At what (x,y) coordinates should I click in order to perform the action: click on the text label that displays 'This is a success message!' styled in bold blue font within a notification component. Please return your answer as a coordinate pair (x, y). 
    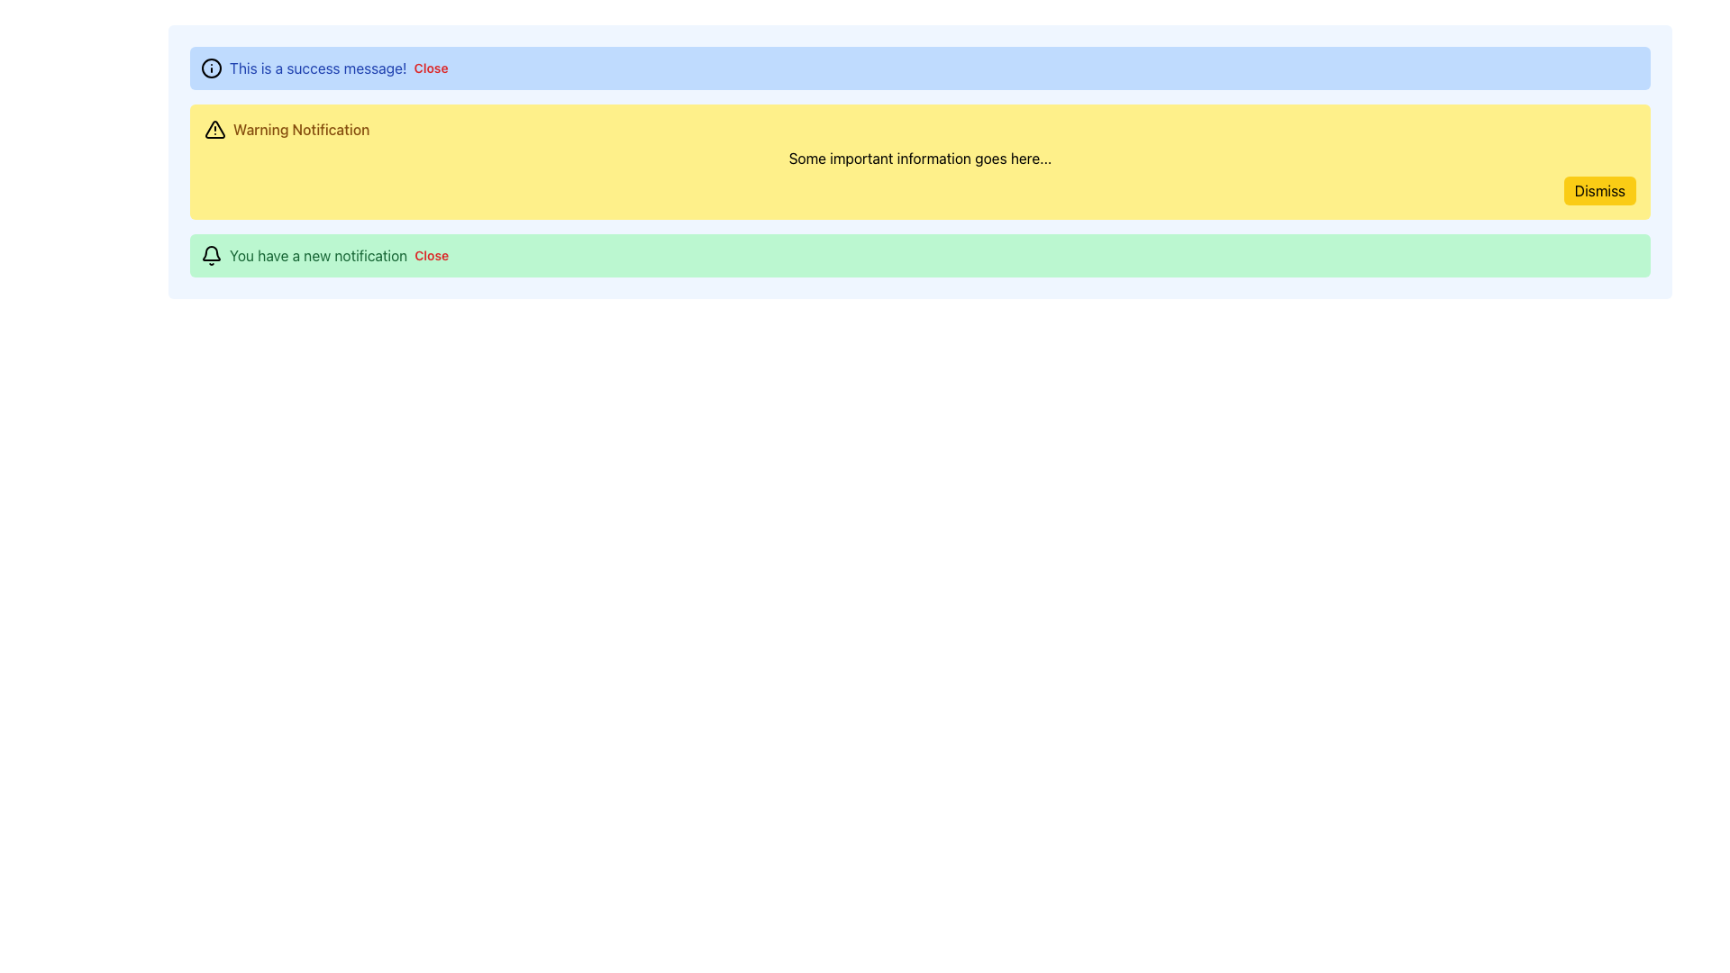
    Looking at the image, I should click on (318, 68).